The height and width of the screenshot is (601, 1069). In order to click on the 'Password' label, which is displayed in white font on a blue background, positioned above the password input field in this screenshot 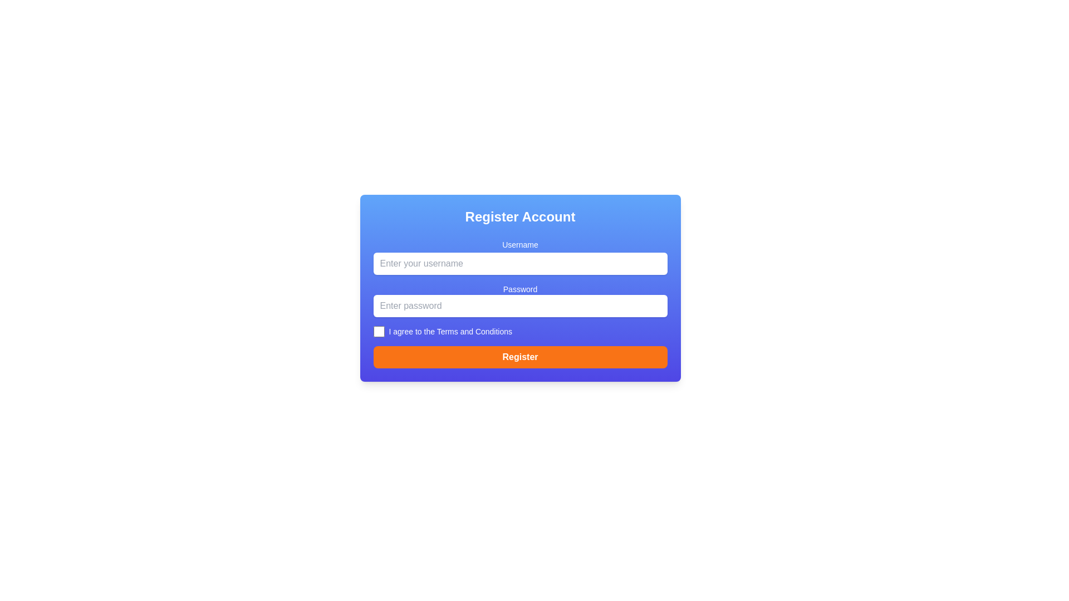, I will do `click(519, 289)`.